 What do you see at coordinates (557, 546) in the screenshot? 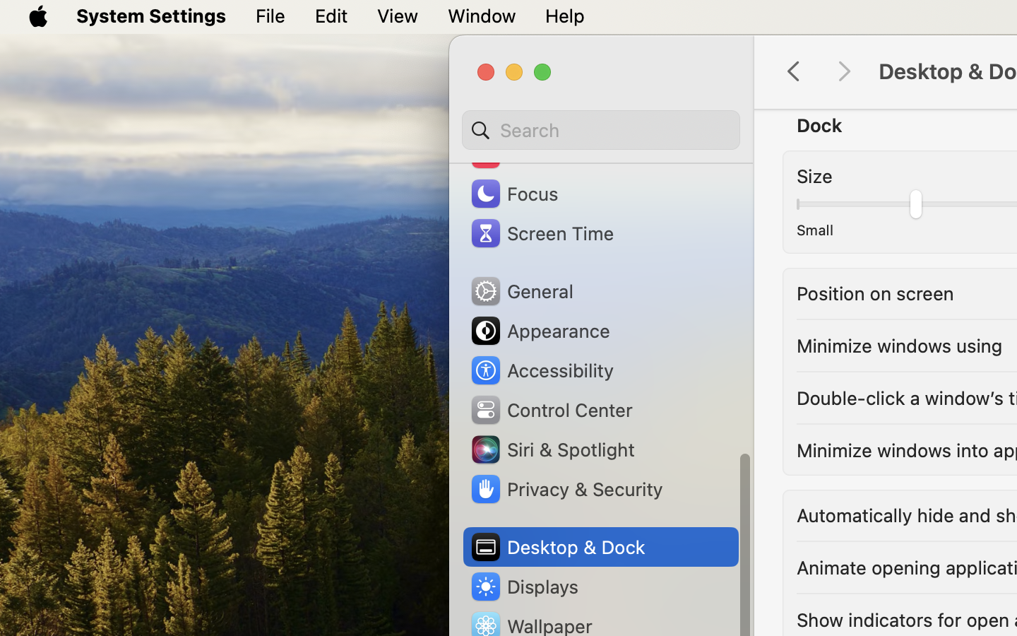
I see `'Desktop & Dock'` at bounding box center [557, 546].